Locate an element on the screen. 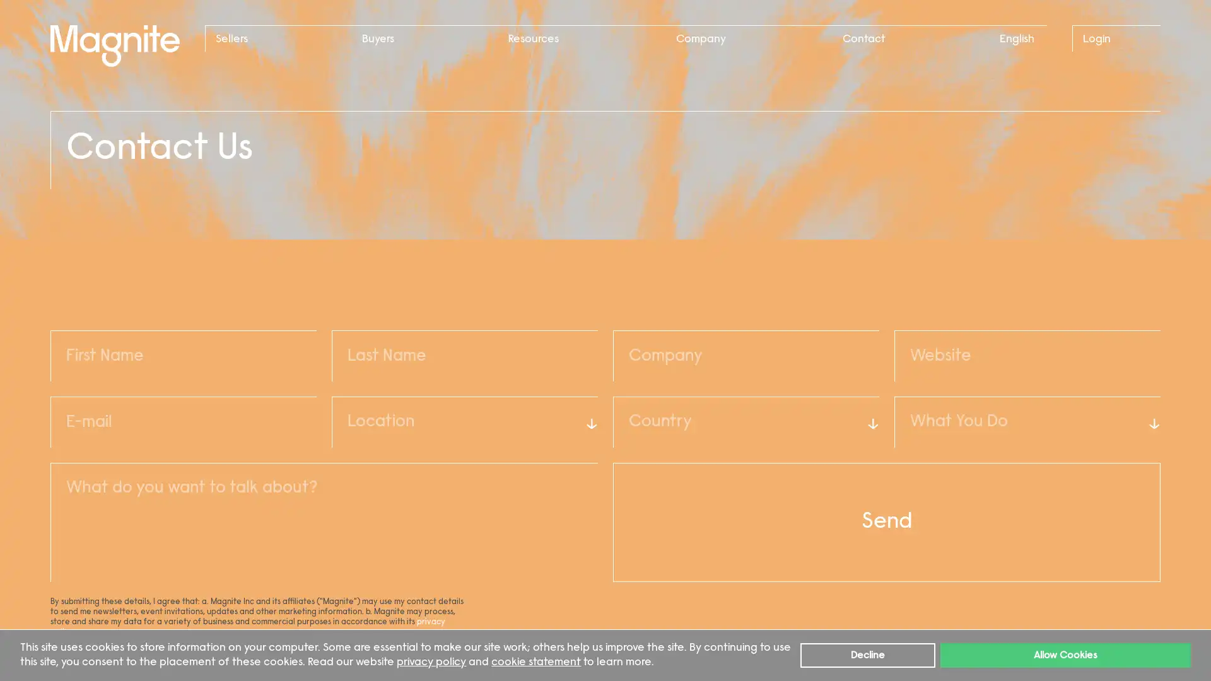 The height and width of the screenshot is (681, 1211). Send is located at coordinates (886, 522).